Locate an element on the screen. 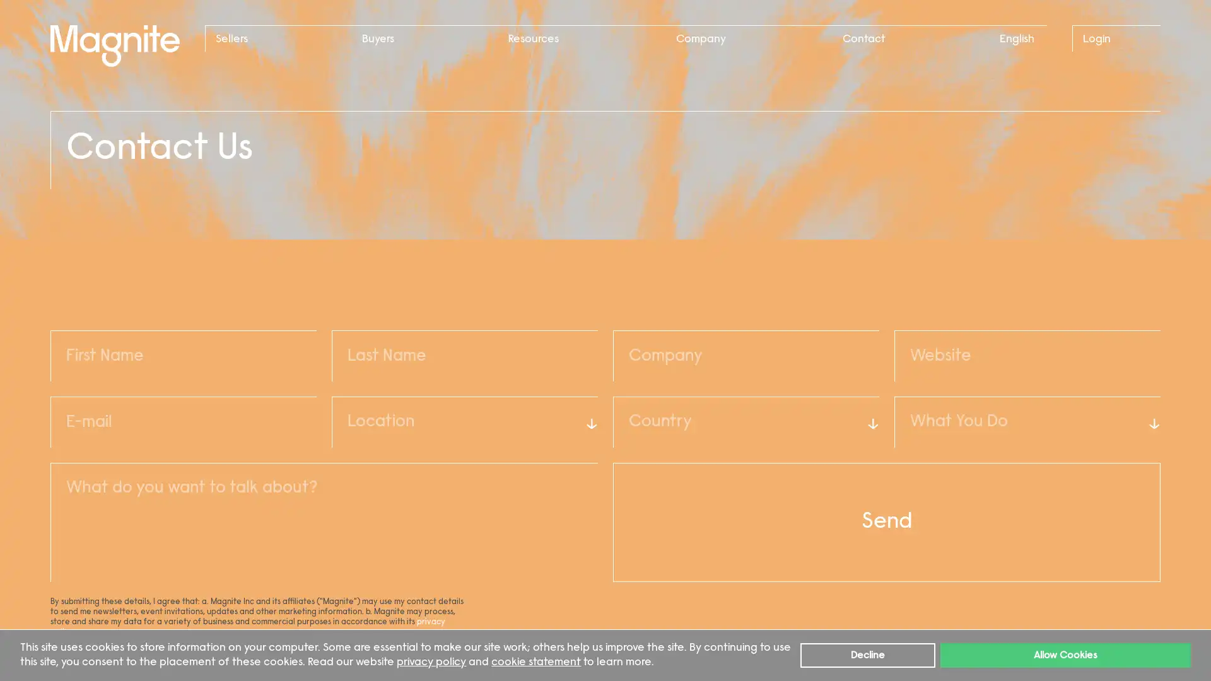 The height and width of the screenshot is (681, 1211). Send is located at coordinates (886, 522).